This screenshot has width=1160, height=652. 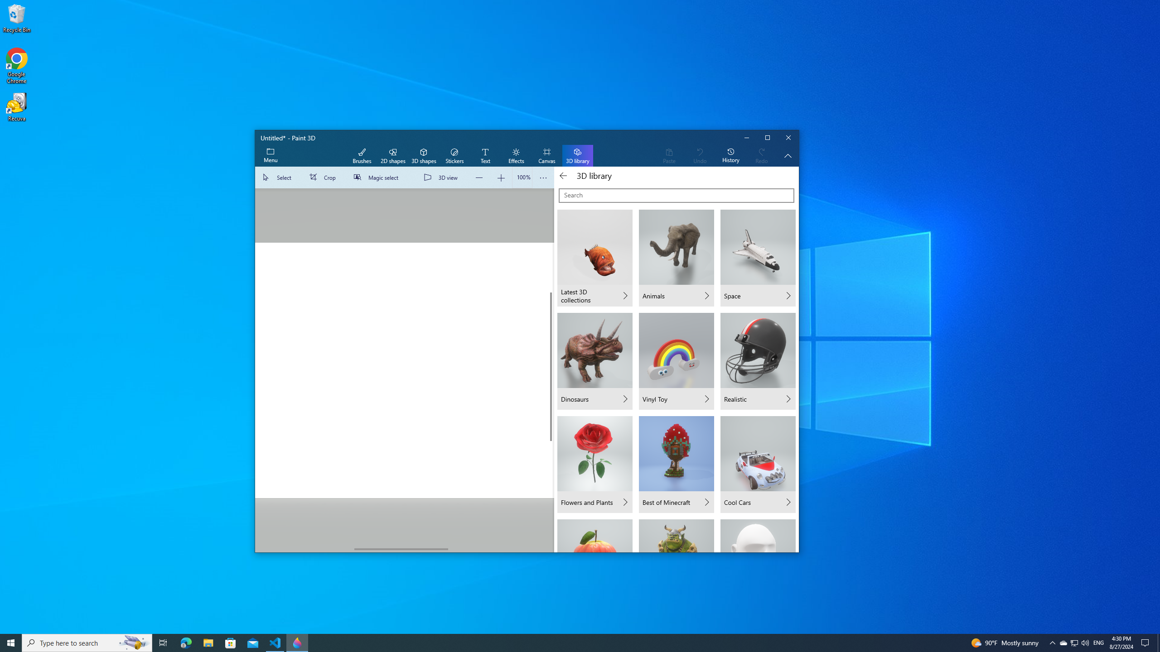 I want to click on 'Zoom in', so click(x=500, y=177).